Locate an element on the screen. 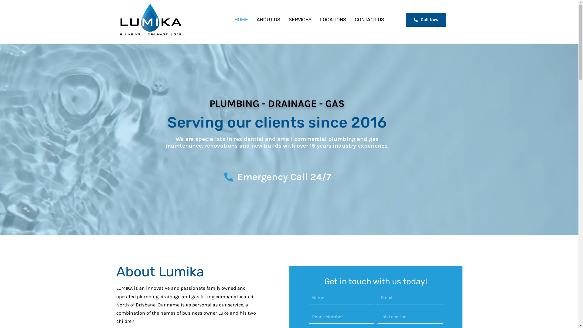 The width and height of the screenshot is (583, 328). 'CONTACT US' is located at coordinates (369, 19).